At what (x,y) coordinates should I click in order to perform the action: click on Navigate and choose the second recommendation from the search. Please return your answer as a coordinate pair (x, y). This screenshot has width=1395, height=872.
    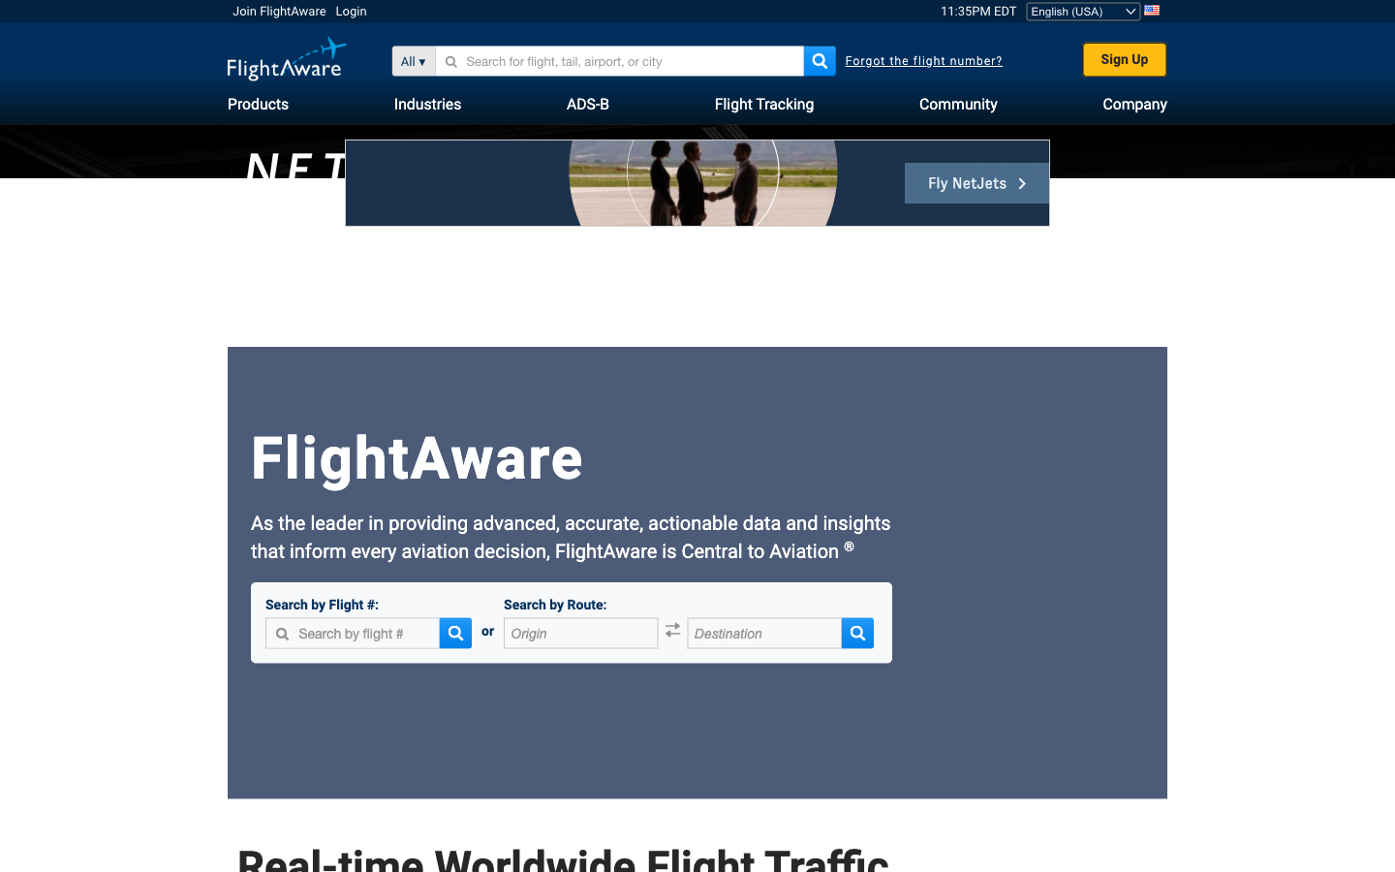
    Looking at the image, I should click on (459, 60).